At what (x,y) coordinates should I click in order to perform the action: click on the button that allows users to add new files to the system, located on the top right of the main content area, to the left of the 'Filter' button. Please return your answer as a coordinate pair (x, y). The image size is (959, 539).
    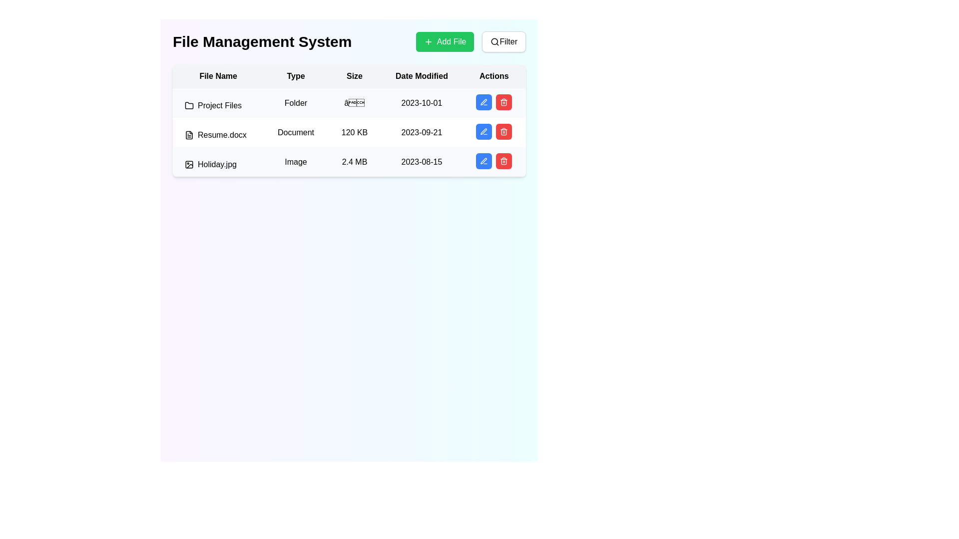
    Looking at the image, I should click on (445, 41).